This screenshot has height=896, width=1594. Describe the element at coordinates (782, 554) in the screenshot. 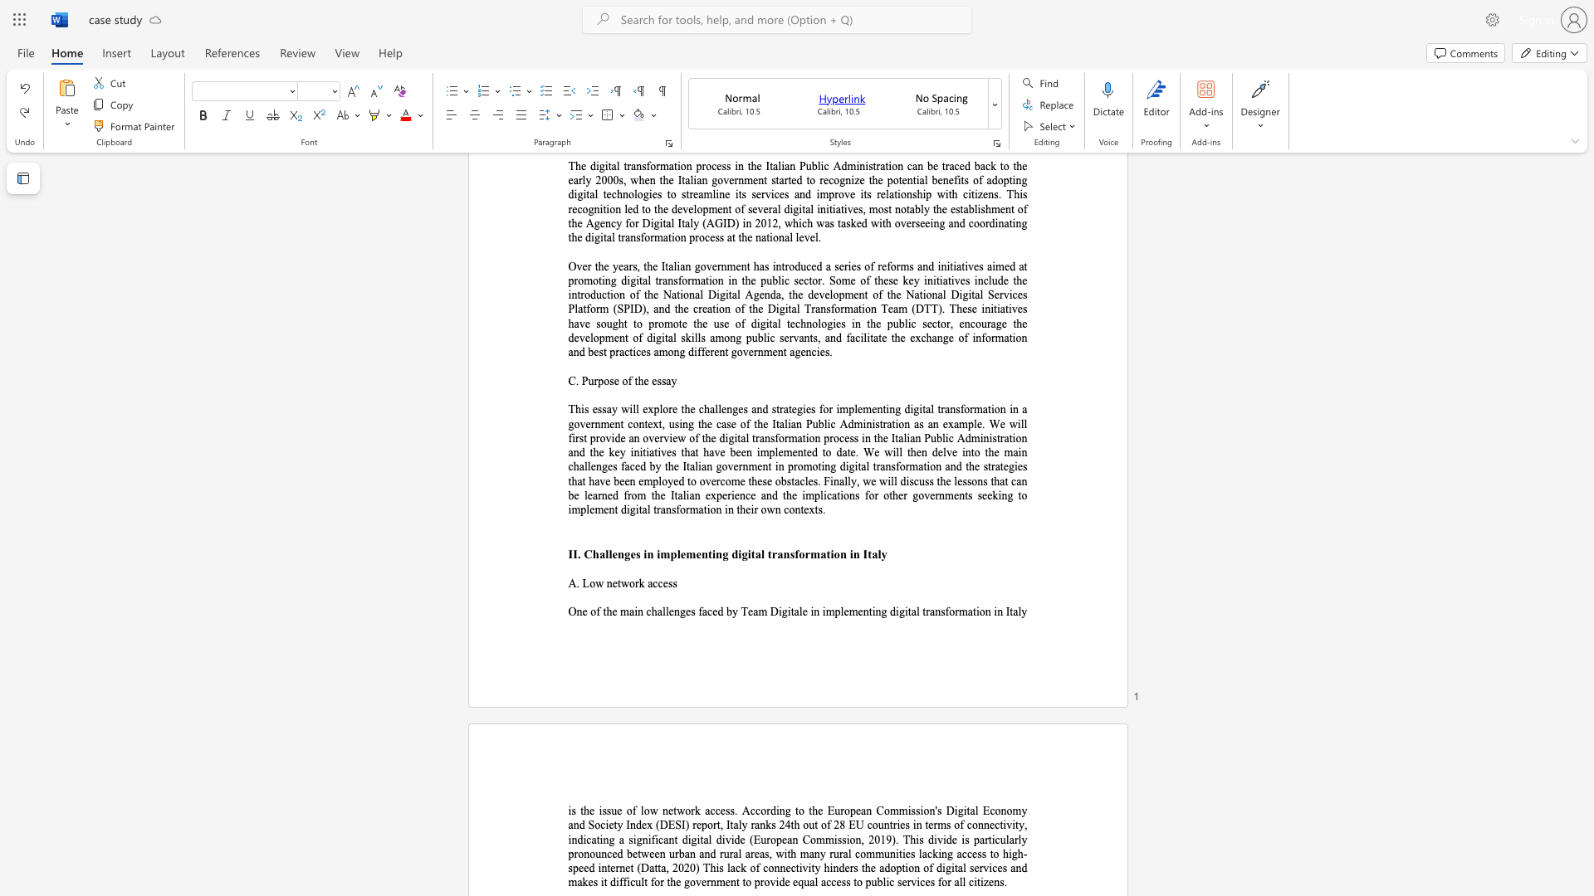

I see `the subset text "nsform" within the text "II. Challenges in implementing digital transformation in Italy"` at that location.